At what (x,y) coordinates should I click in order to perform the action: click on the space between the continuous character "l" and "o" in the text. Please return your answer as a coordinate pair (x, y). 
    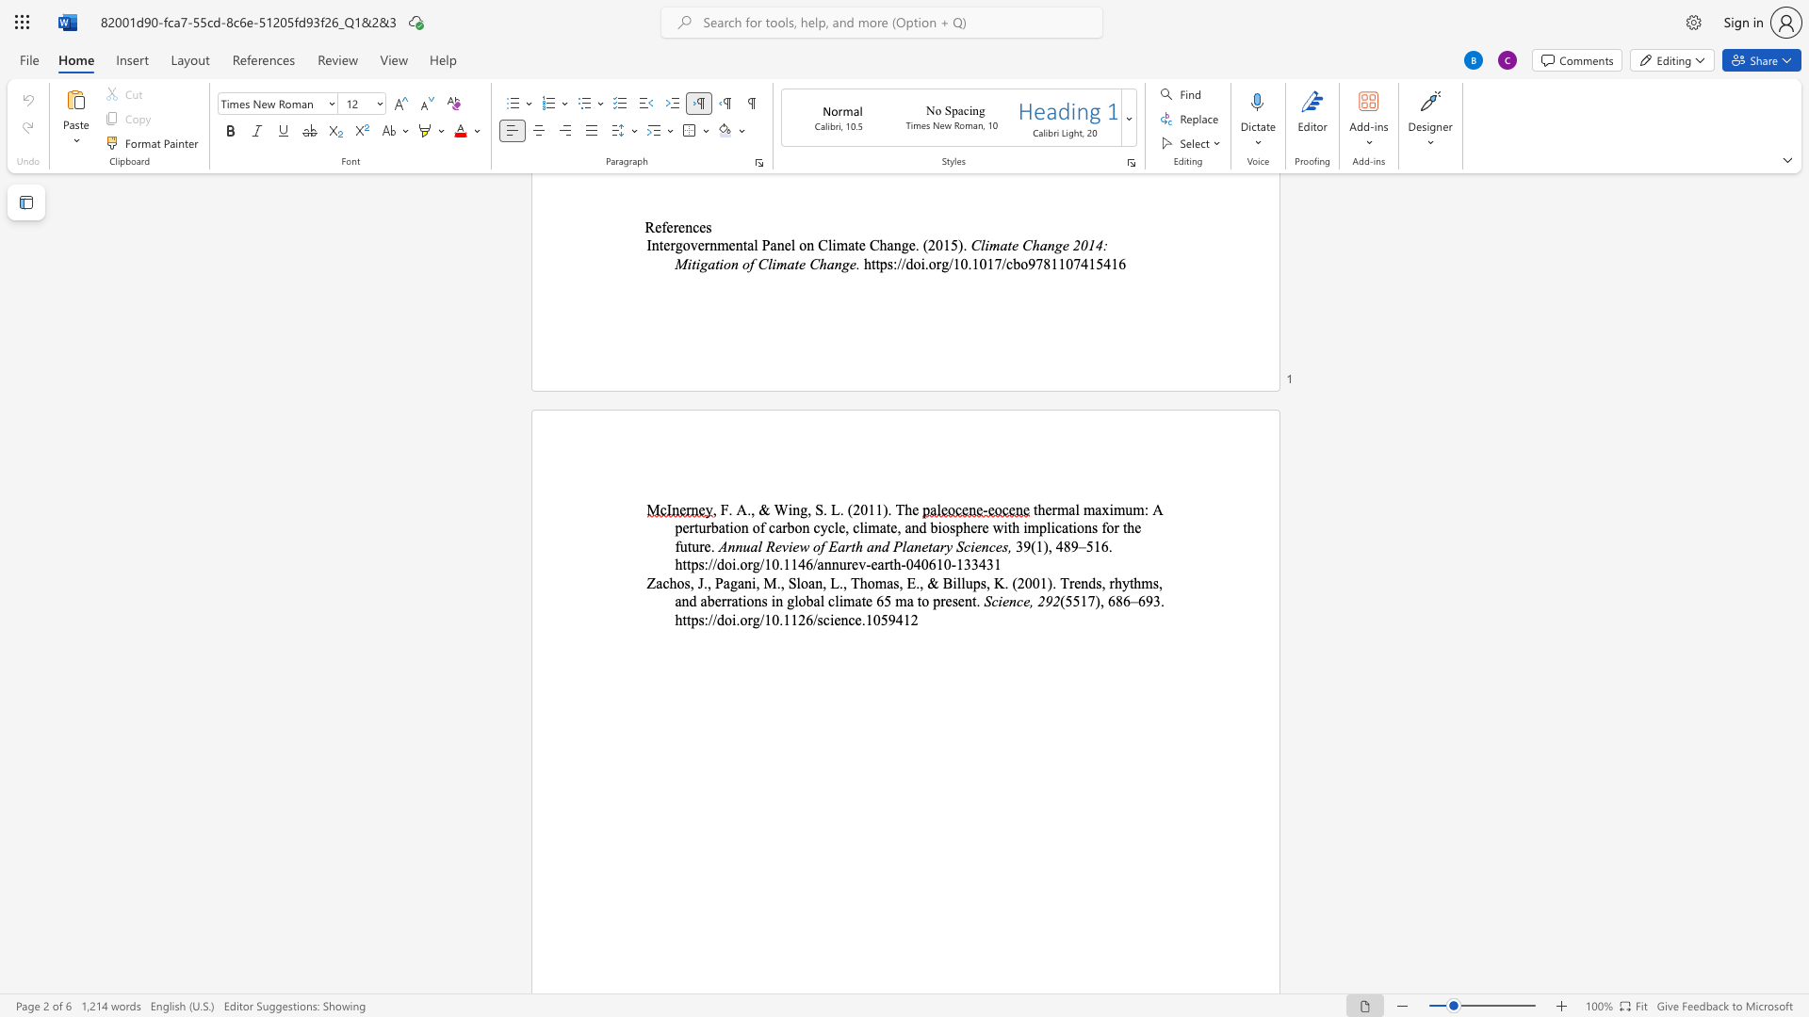
    Looking at the image, I should click on (801, 582).